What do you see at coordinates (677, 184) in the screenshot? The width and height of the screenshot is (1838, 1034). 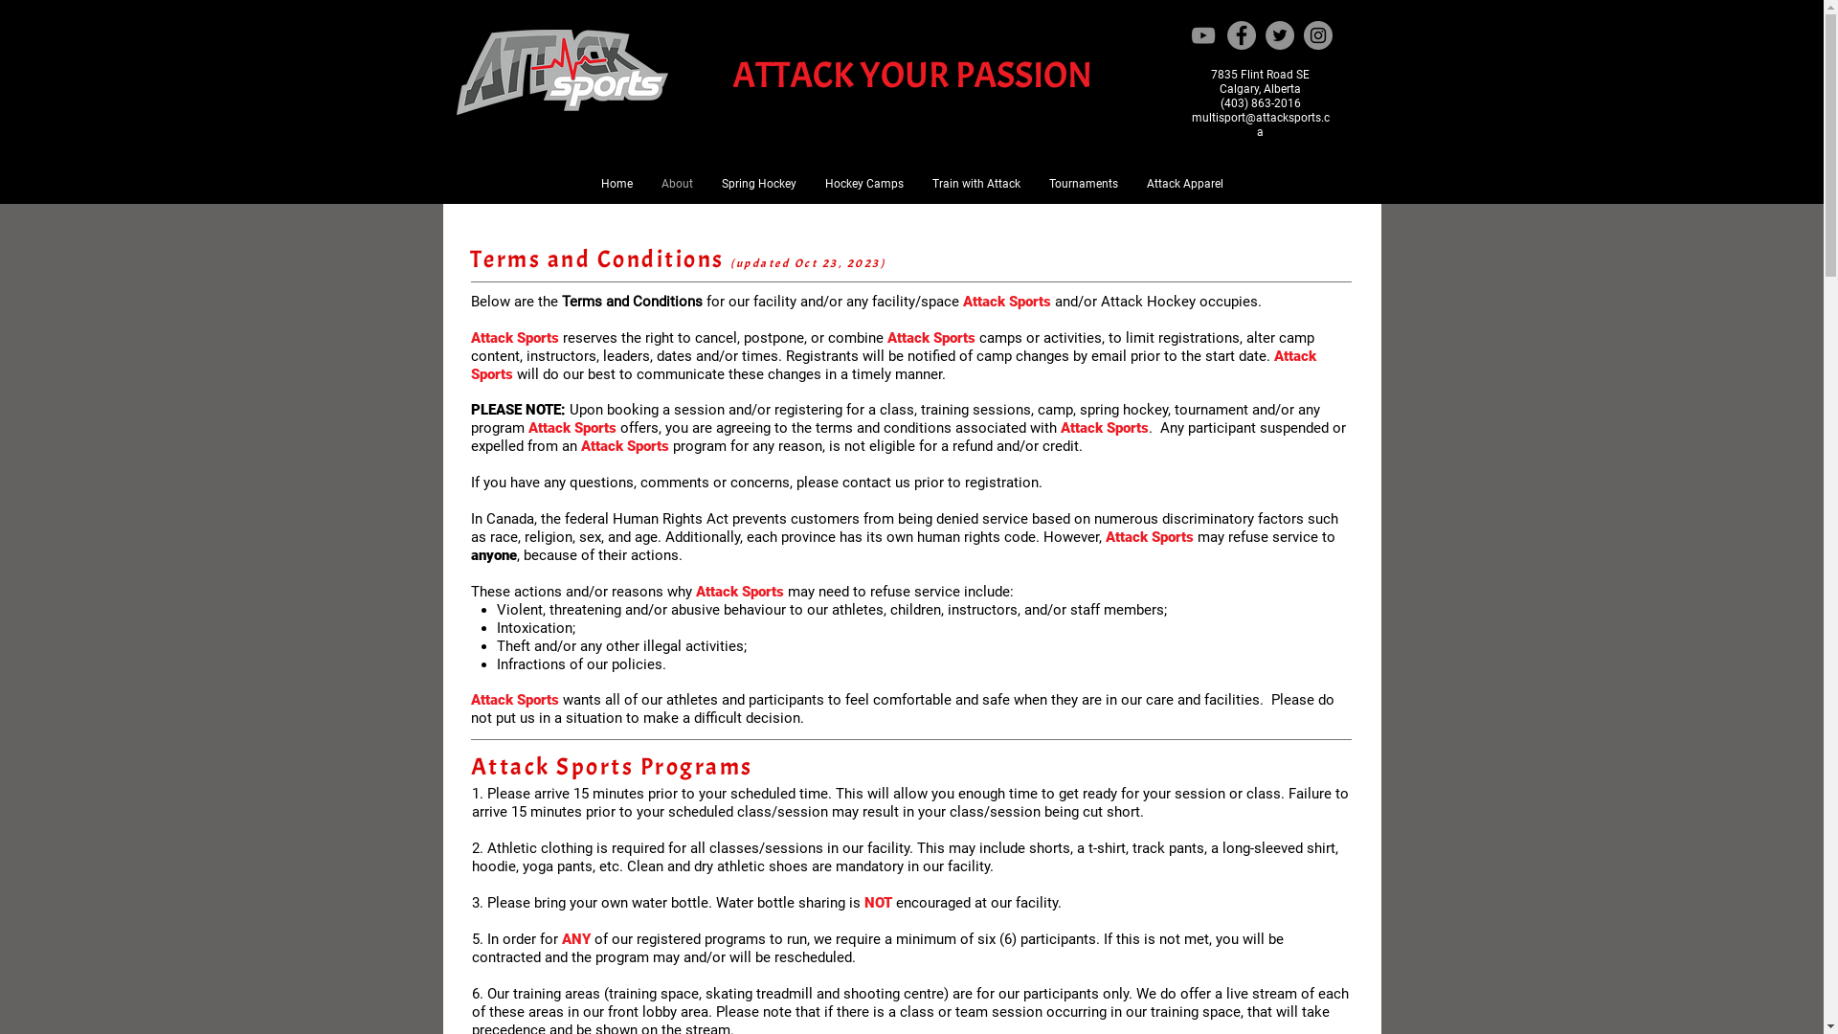 I see `'About'` at bounding box center [677, 184].